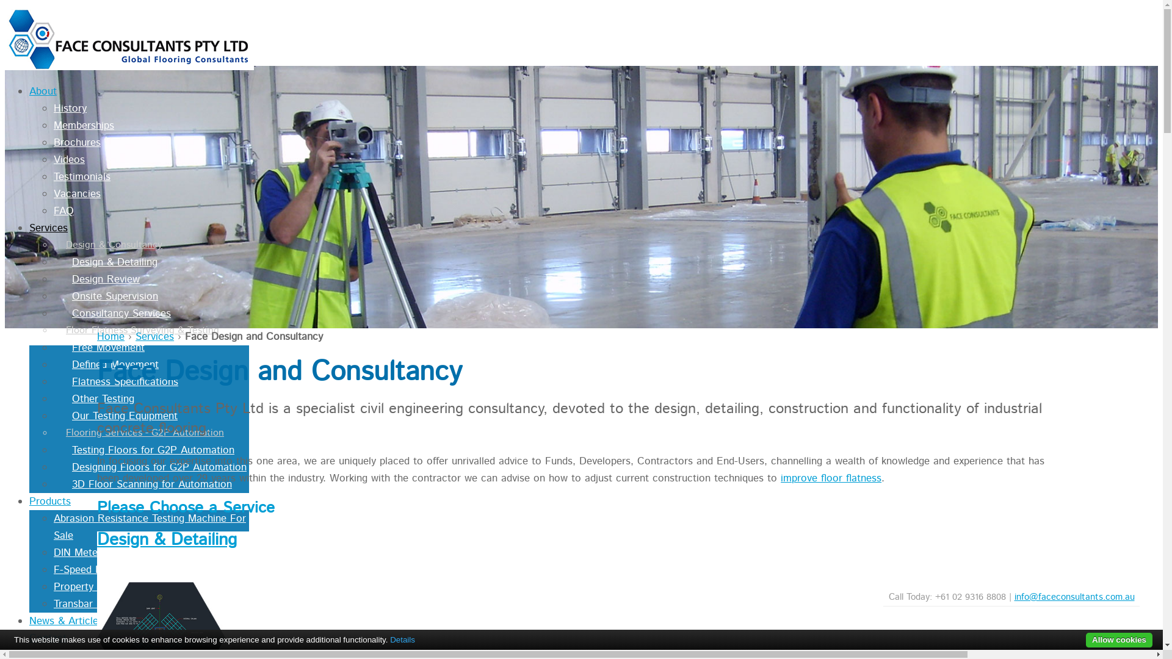  Describe the element at coordinates (76, 142) in the screenshot. I see `'Brochures'` at that location.